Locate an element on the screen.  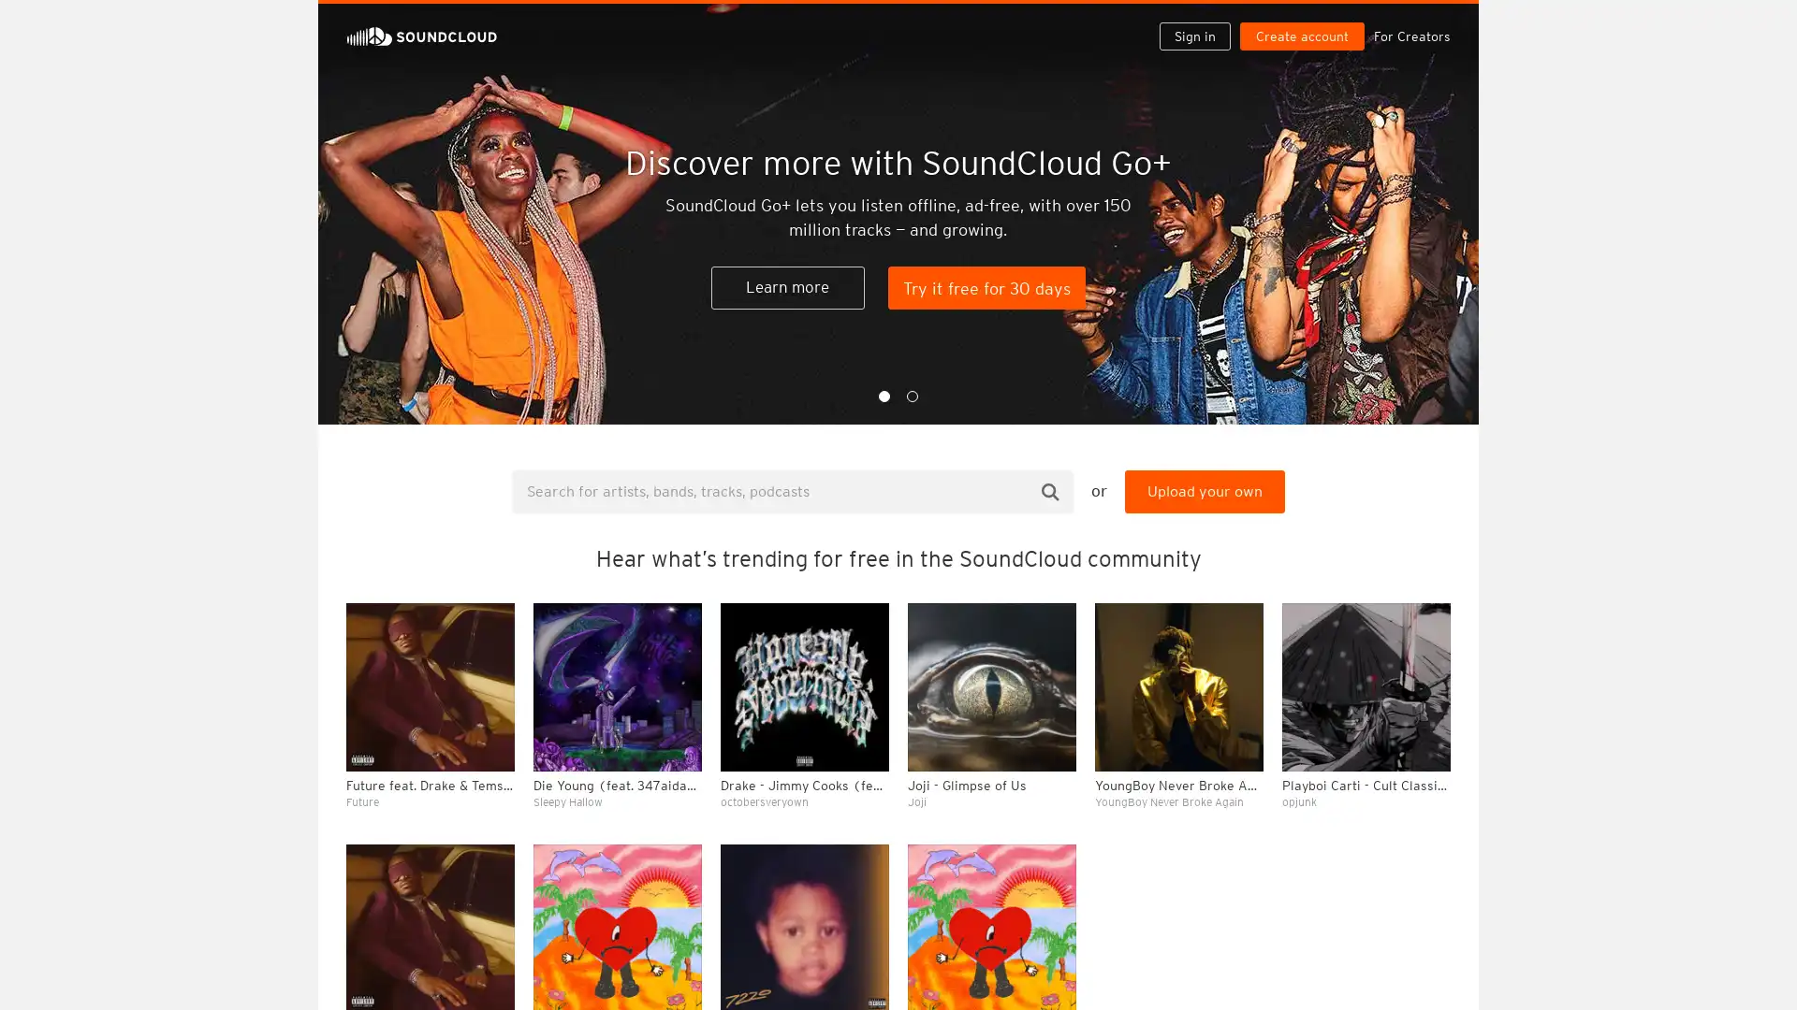
Clear is located at coordinates (1387, 511).